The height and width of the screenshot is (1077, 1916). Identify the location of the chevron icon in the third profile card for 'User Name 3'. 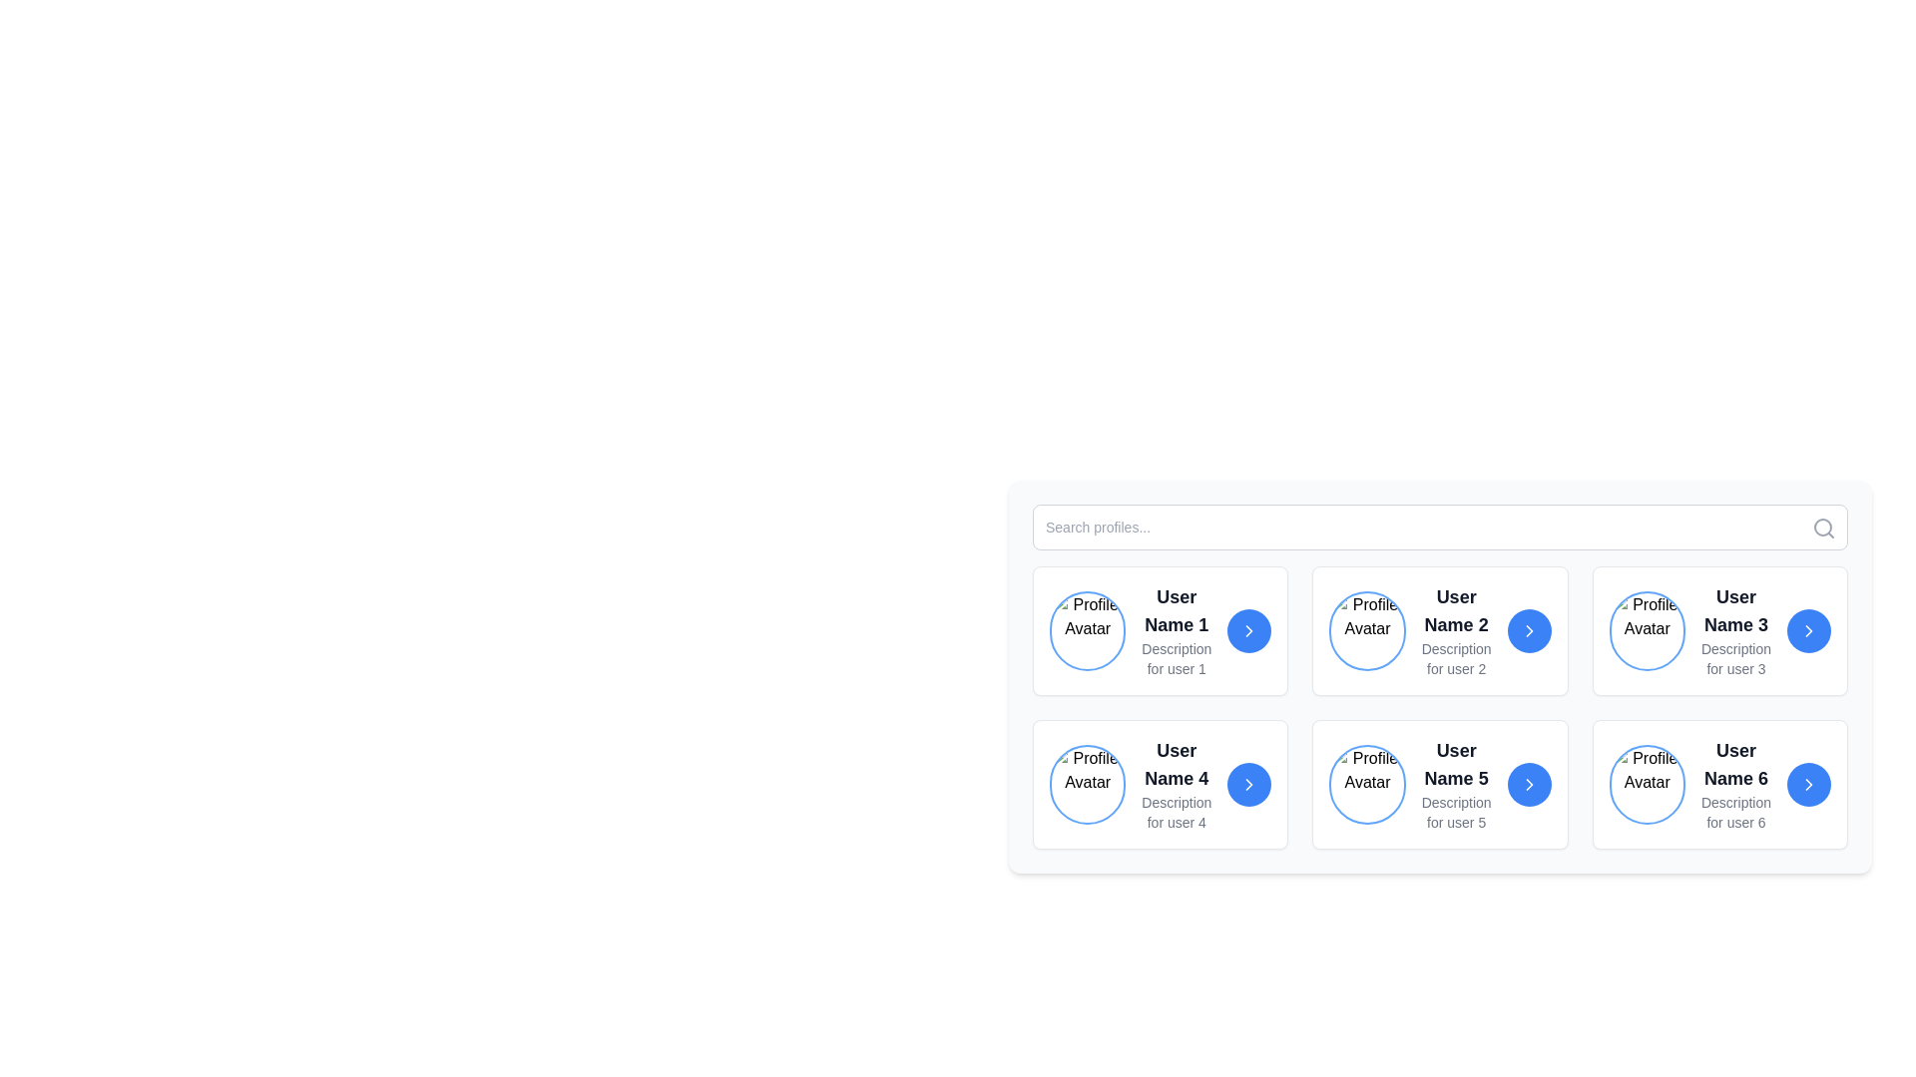
(1809, 630).